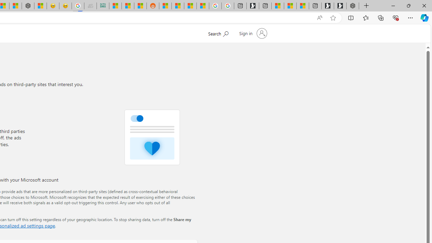 This screenshot has height=243, width=432. Describe the element at coordinates (90, 6) in the screenshot. I see `'Navy Quest'` at that location.